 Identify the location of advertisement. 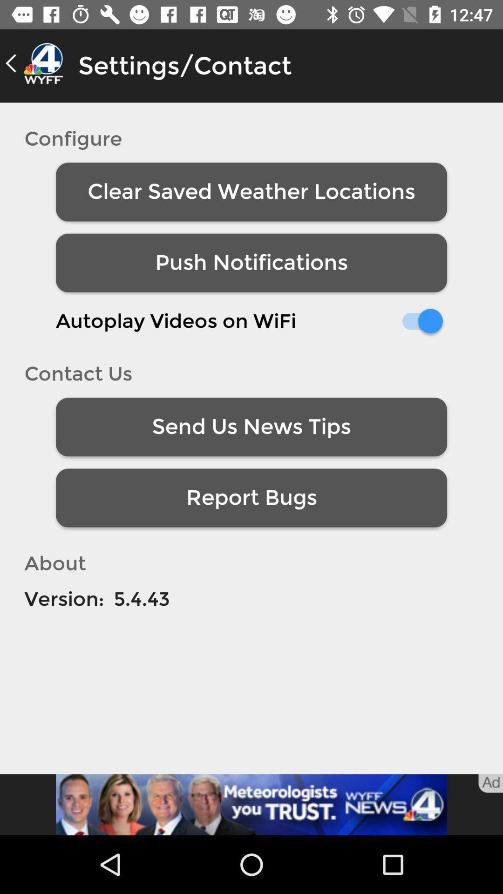
(251, 804).